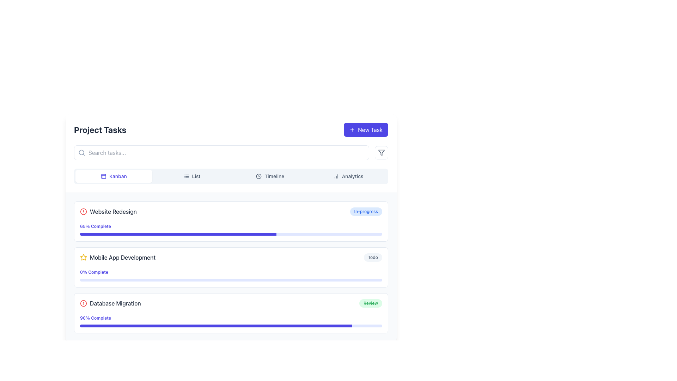  What do you see at coordinates (231, 320) in the screenshot?
I see `the progress bar labeled '90% Complete' which indicates that the task is 90% completed, located in the lower half of the 'Database Migration' task card` at bounding box center [231, 320].